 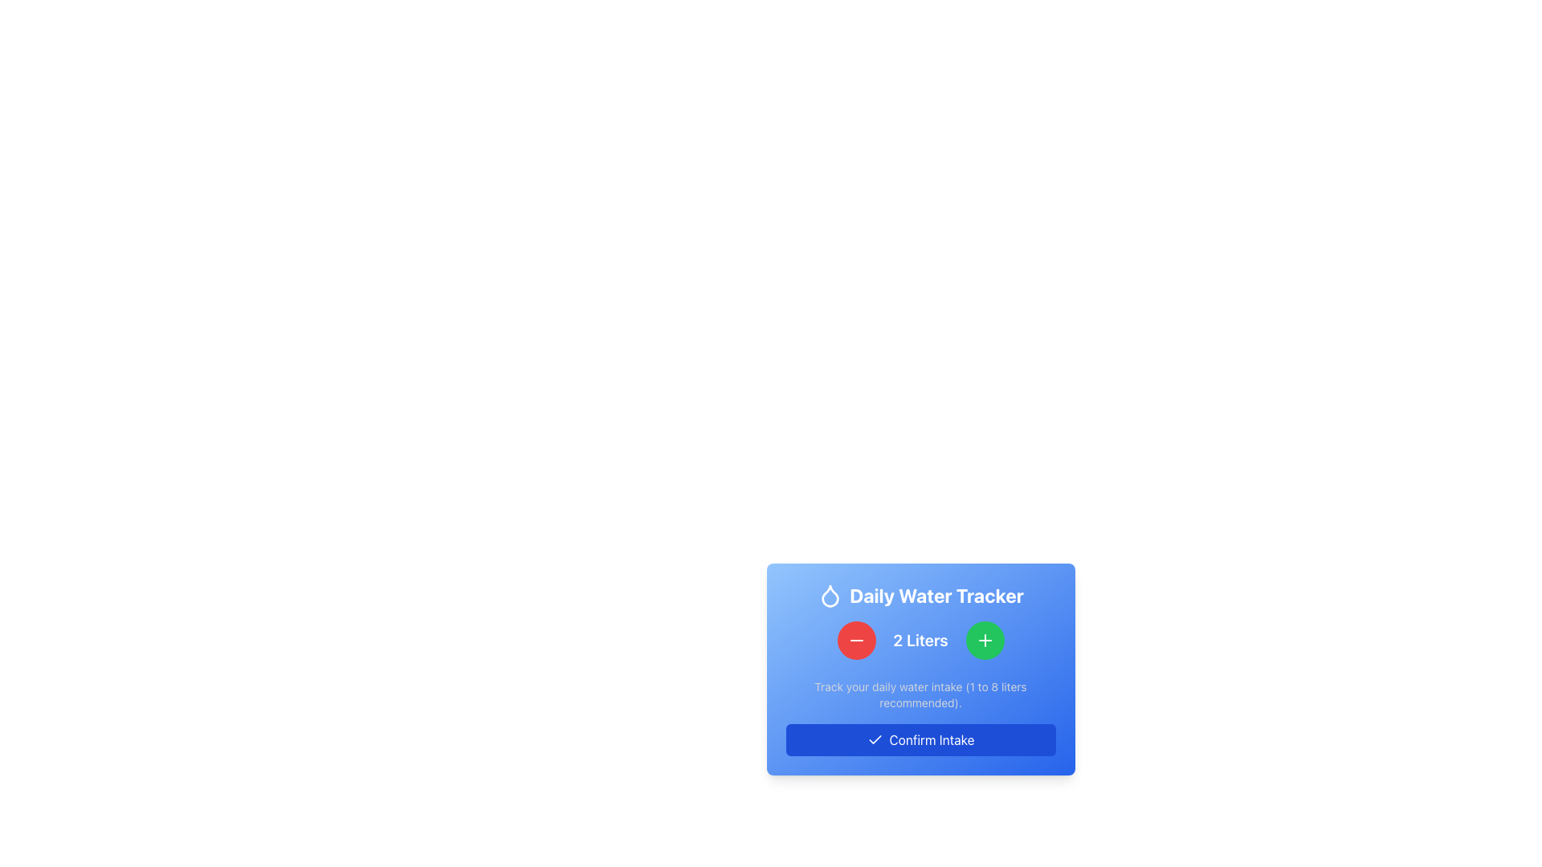 What do you see at coordinates (920, 694) in the screenshot?
I see `the static text block containing the phrase 'Track your daily water intake (1 to 8 liters recommended)', which is styled in gray color and small font size, positioned above the 'Confirm Intake' button` at bounding box center [920, 694].